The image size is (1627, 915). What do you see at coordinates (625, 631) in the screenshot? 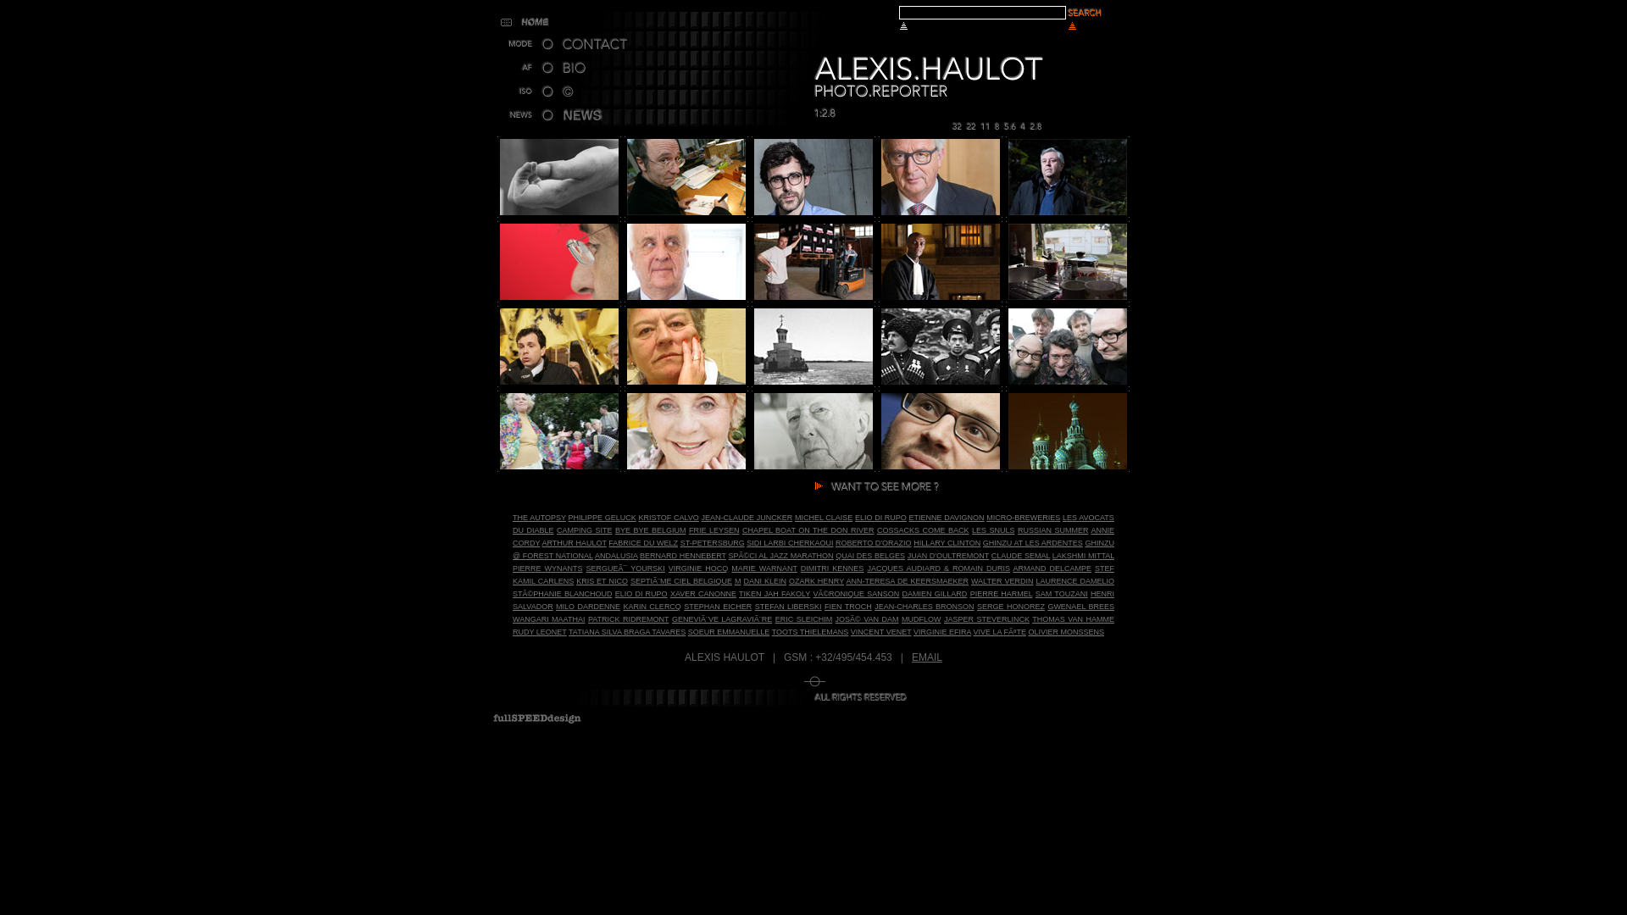
I see `'TATIANA SILVA BRAGA TAVARES'` at bounding box center [625, 631].